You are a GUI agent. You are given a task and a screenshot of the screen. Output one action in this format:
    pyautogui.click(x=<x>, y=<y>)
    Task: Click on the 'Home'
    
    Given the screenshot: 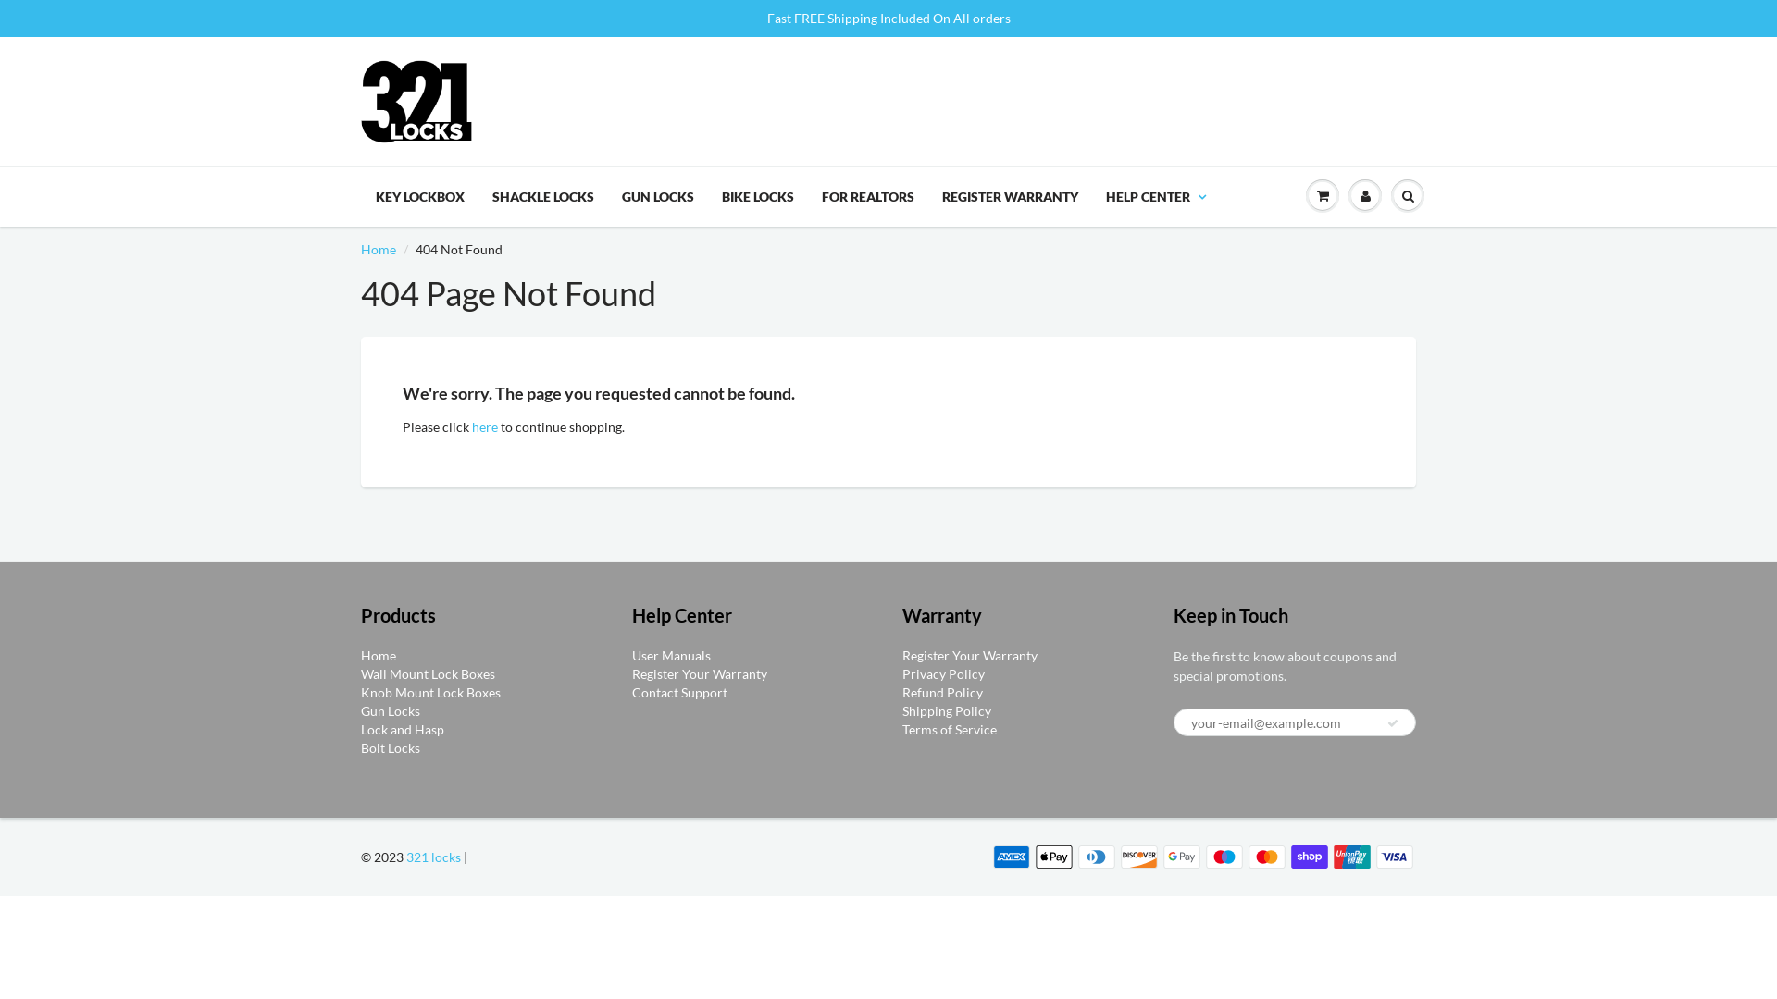 What is the action you would take?
    pyautogui.click(x=377, y=248)
    